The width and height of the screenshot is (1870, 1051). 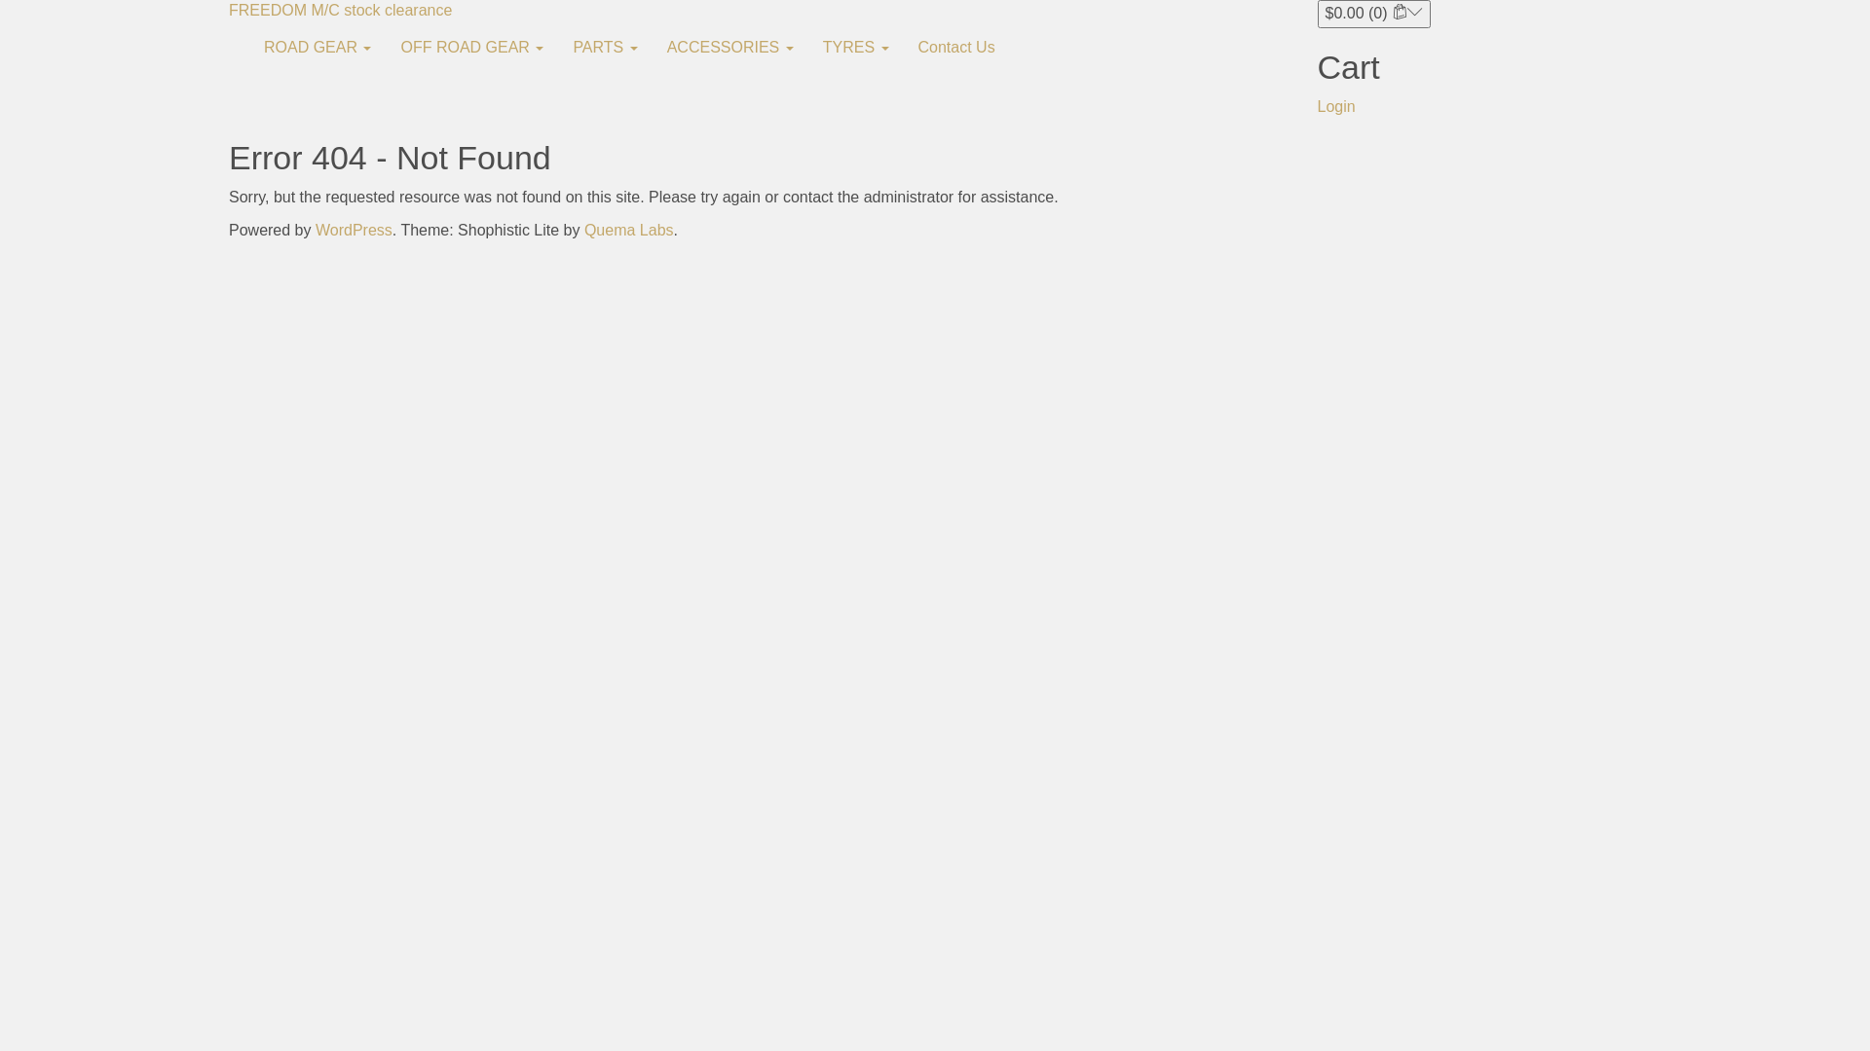 I want to click on 'FREEDOM M/C stock clearance', so click(x=340, y=10).